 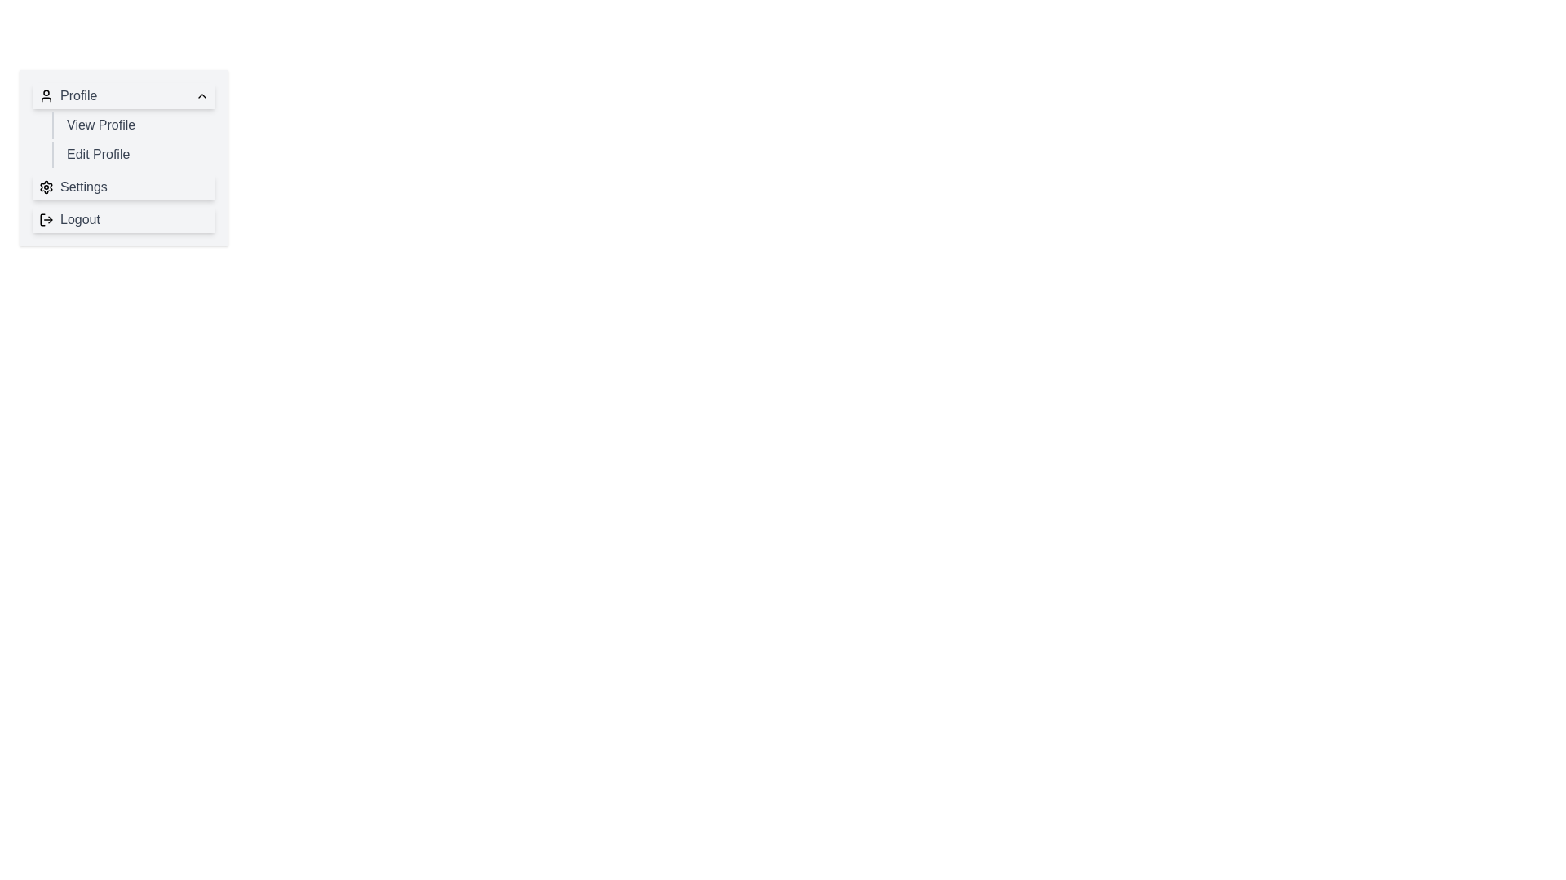 What do you see at coordinates (201, 96) in the screenshot?
I see `the visibility toggle icon located within the 'Profile' button, which is positioned at the rightmost end of the row next to the text 'Profile'` at bounding box center [201, 96].